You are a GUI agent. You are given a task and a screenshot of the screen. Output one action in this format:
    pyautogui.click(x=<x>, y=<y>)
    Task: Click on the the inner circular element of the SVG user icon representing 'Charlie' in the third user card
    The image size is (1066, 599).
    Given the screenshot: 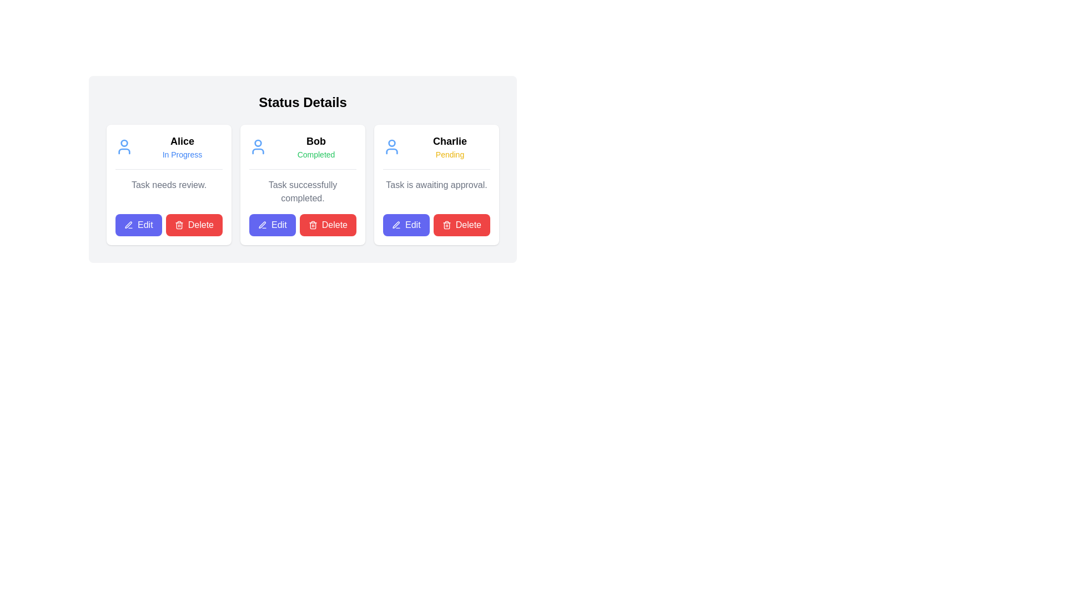 What is the action you would take?
    pyautogui.click(x=391, y=143)
    